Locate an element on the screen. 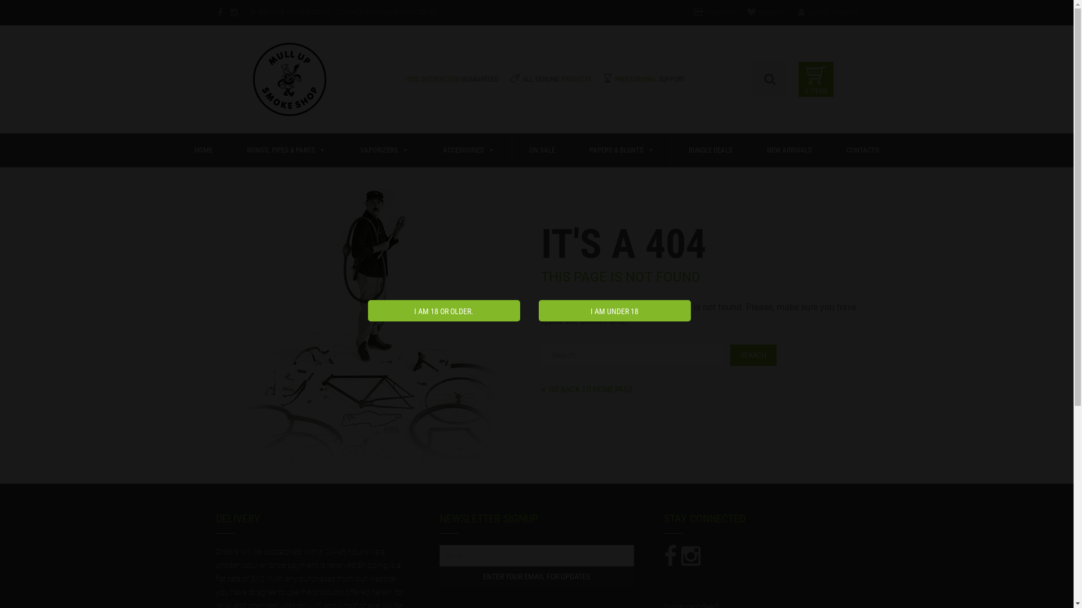 This screenshot has height=608, width=1082. 'HOME' is located at coordinates (203, 149).